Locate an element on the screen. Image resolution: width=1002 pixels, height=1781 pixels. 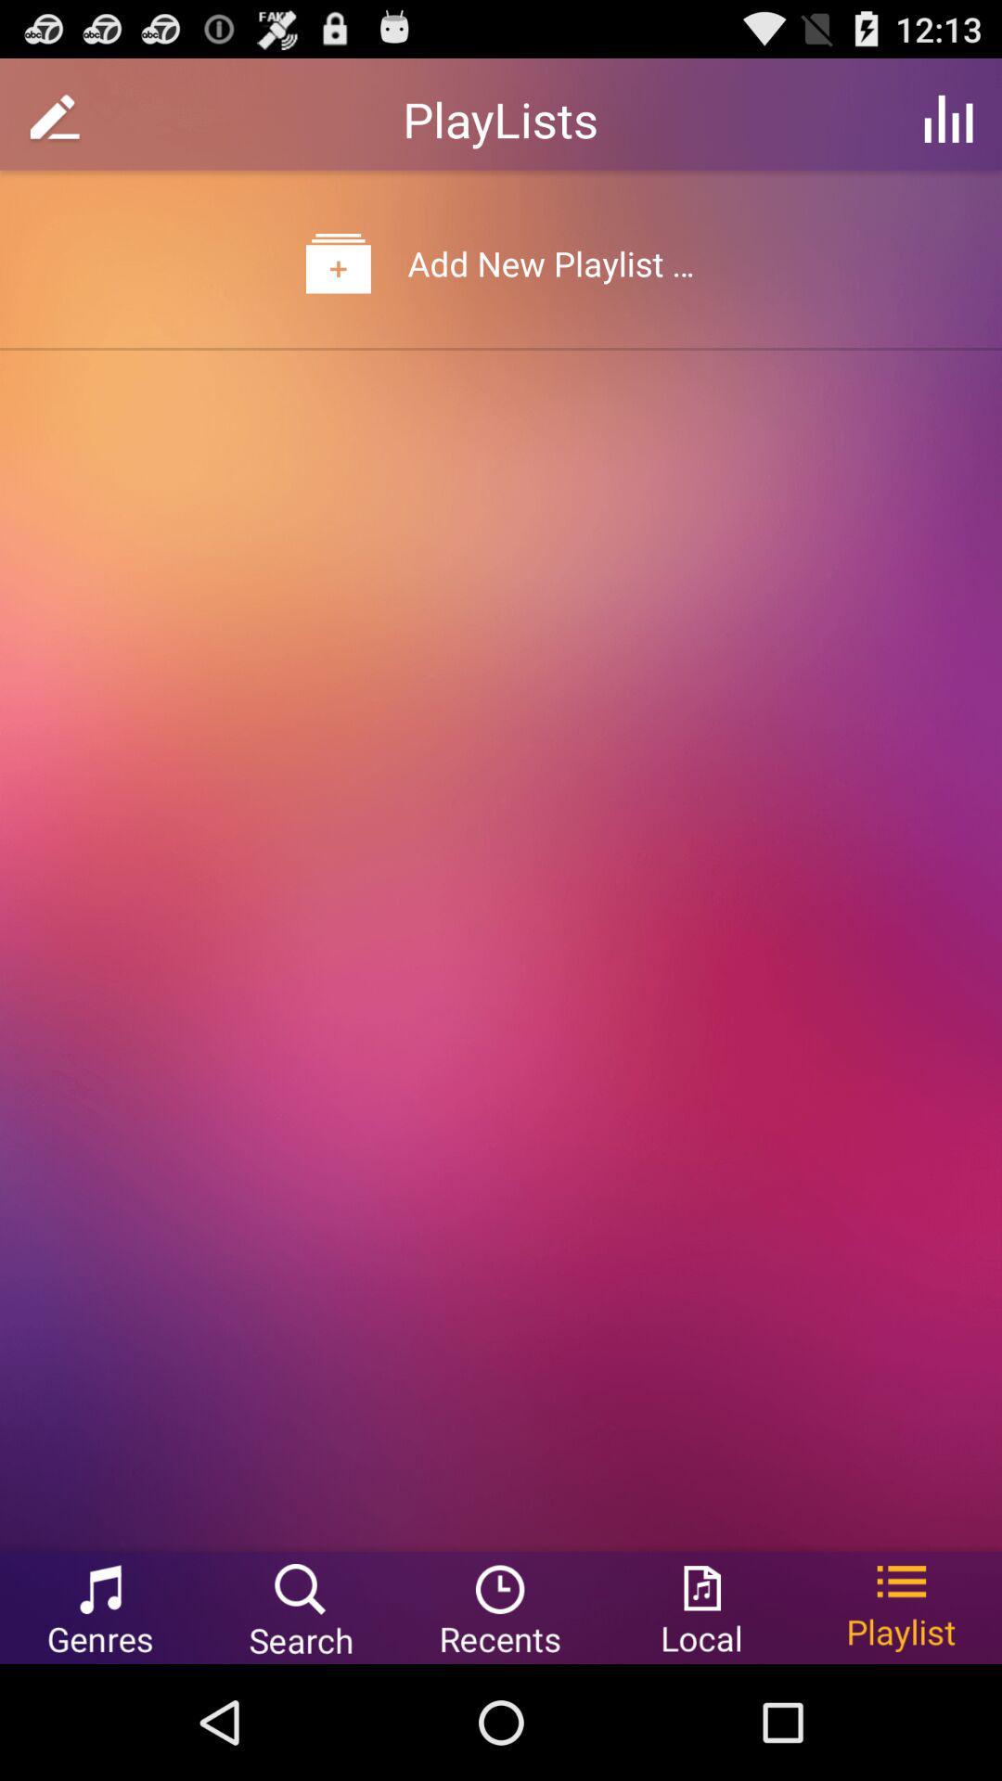
the list icon is located at coordinates (901, 1721).